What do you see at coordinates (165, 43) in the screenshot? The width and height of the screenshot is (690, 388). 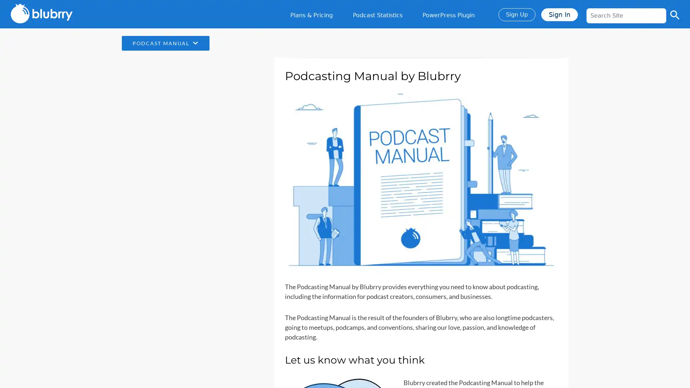 I see `PODCAST MANUAL` at bounding box center [165, 43].